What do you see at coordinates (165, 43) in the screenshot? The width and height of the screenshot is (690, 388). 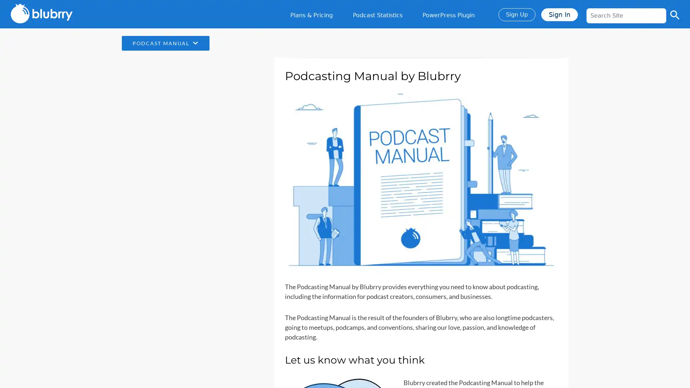 I see `PODCAST MANUAL` at bounding box center [165, 43].